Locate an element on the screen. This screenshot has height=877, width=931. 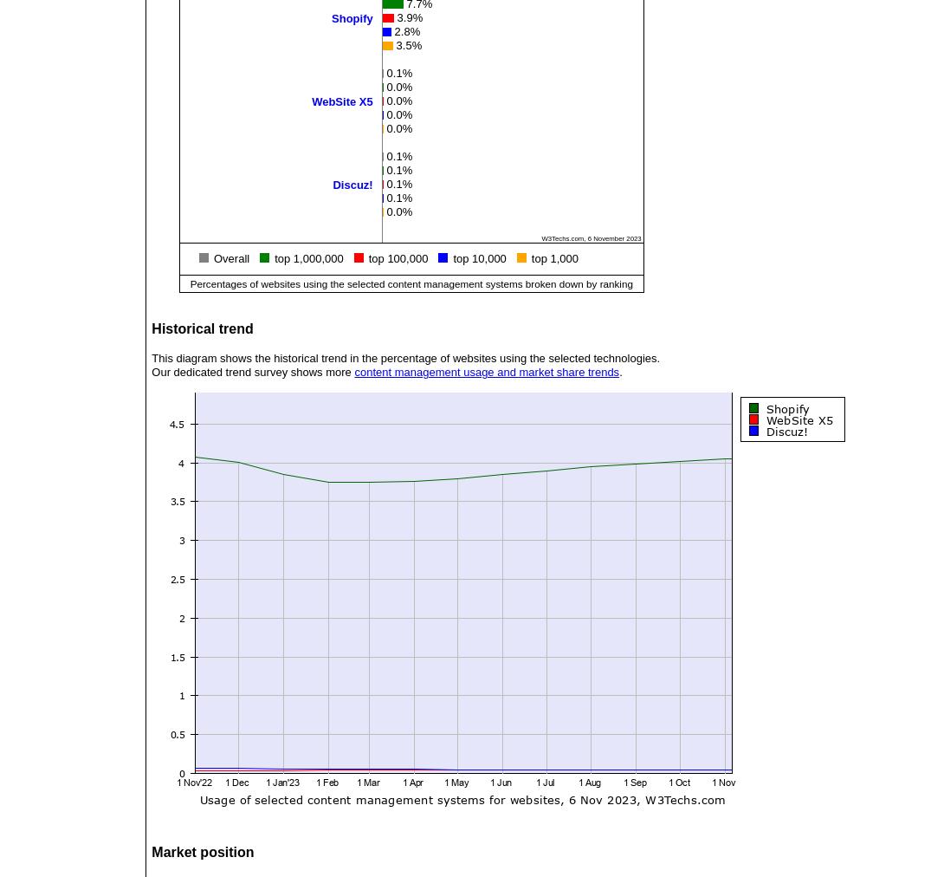
'.' is located at coordinates (617, 372).